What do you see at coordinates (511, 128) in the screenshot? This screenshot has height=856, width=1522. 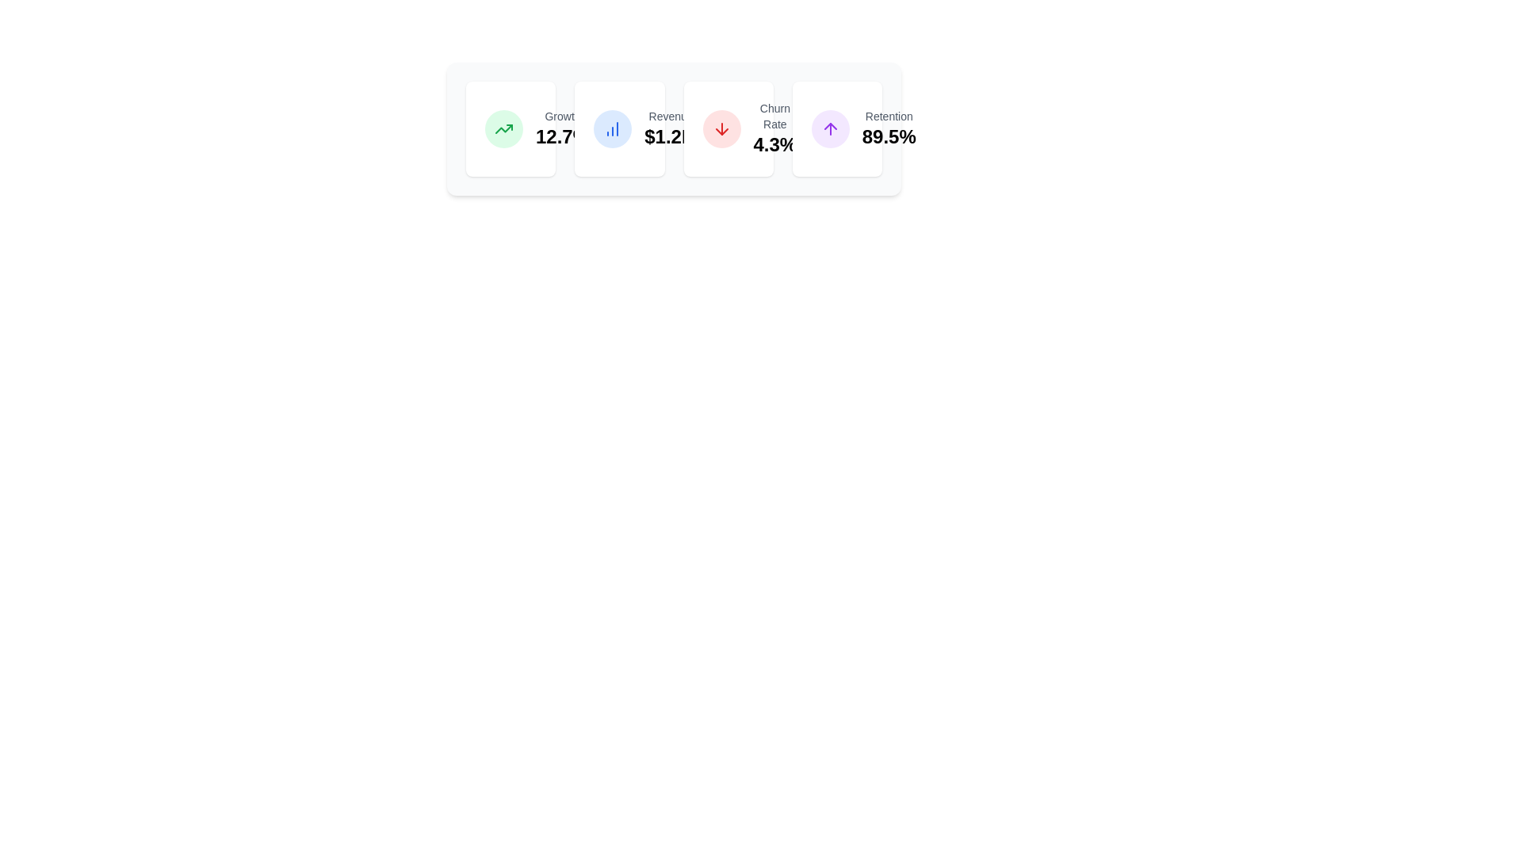 I see `the composite UI element that represents a positive growth metric, featuring a green circular trendline icon and adjacent text displaying the growth percentage, located as the leftmost item in a row of four cards` at bounding box center [511, 128].